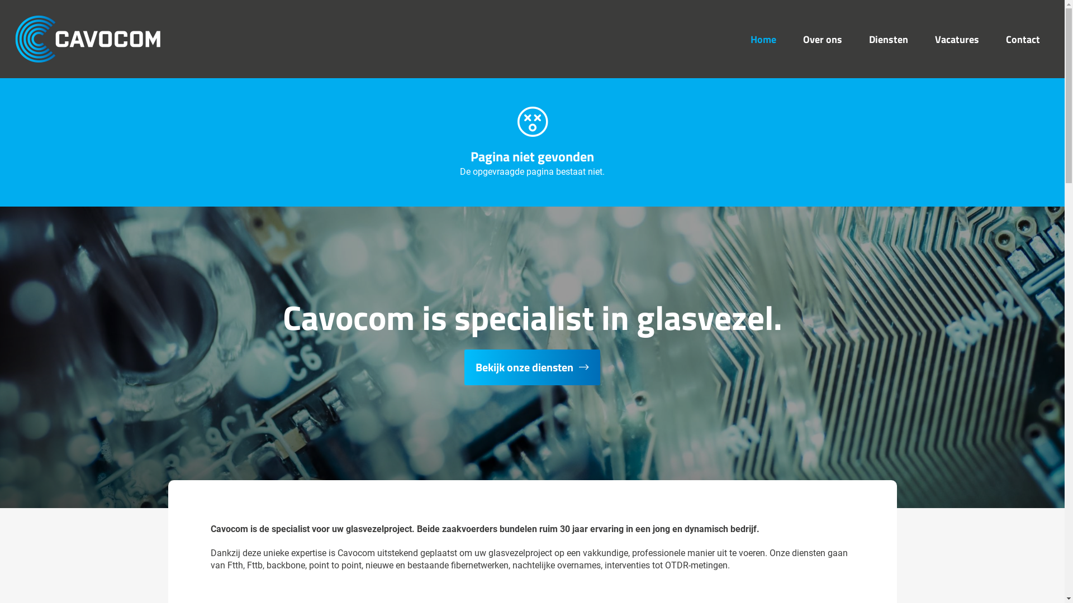 The height and width of the screenshot is (603, 1073). I want to click on 'Bekijk onze diensten', so click(531, 367).